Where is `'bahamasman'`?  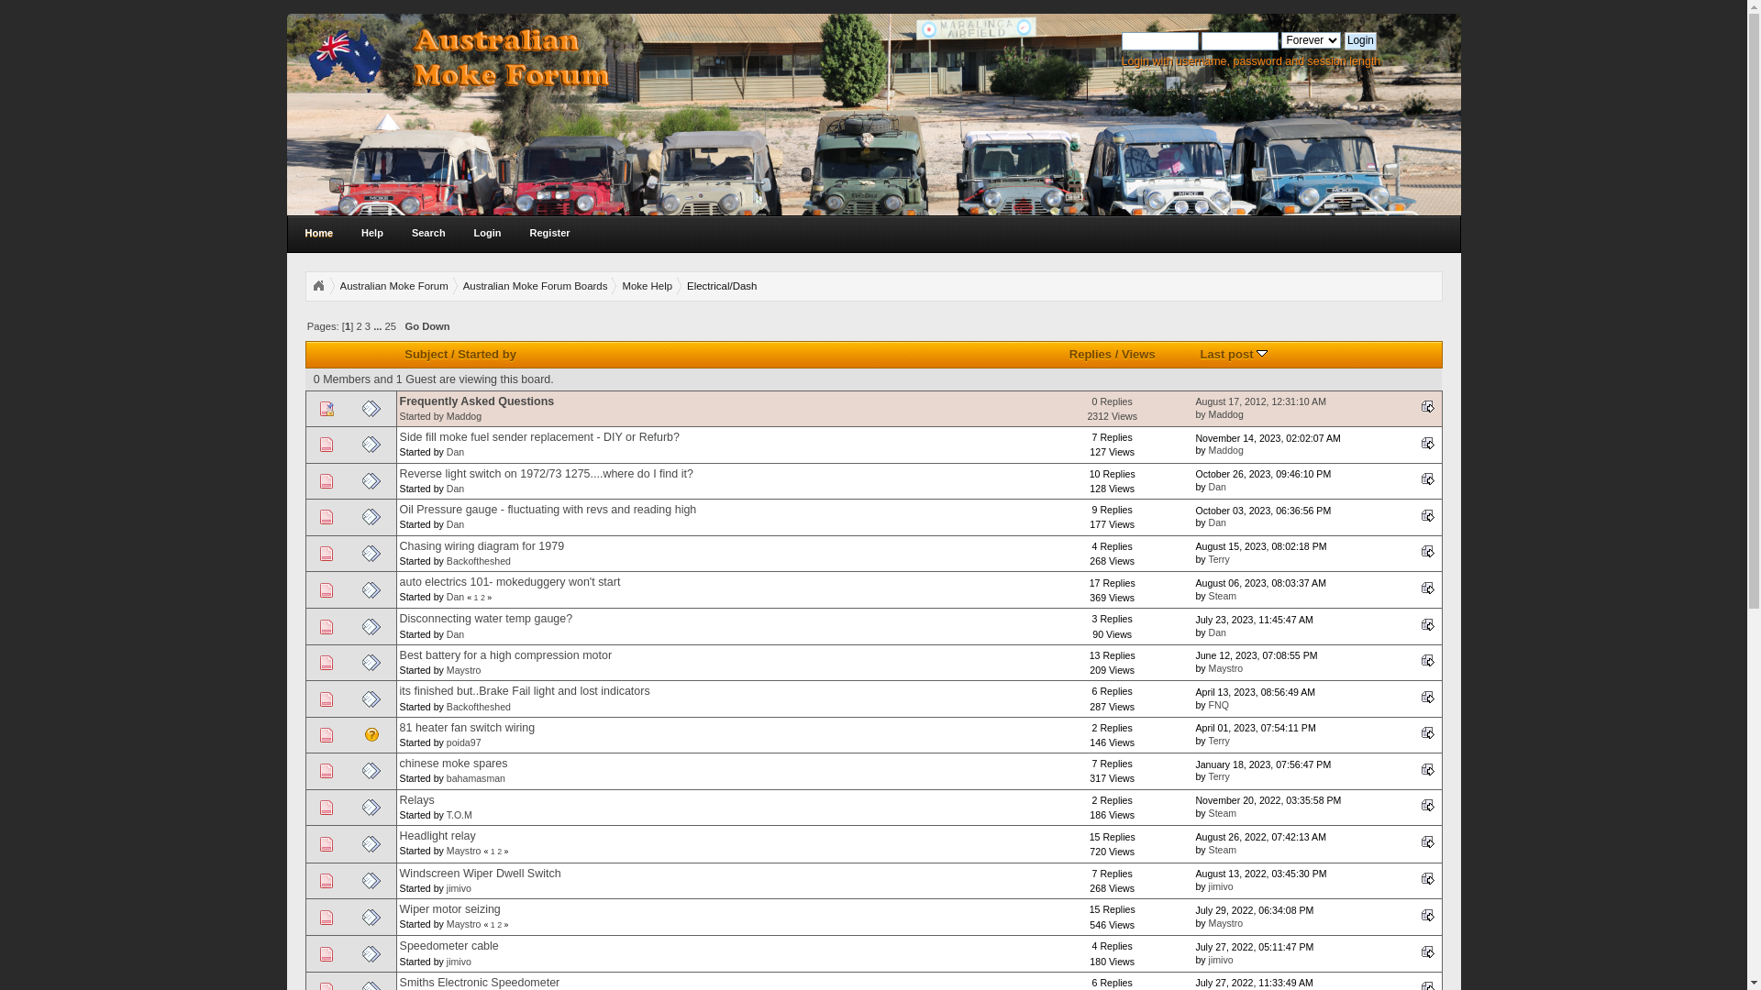 'bahamasman' is located at coordinates (475, 777).